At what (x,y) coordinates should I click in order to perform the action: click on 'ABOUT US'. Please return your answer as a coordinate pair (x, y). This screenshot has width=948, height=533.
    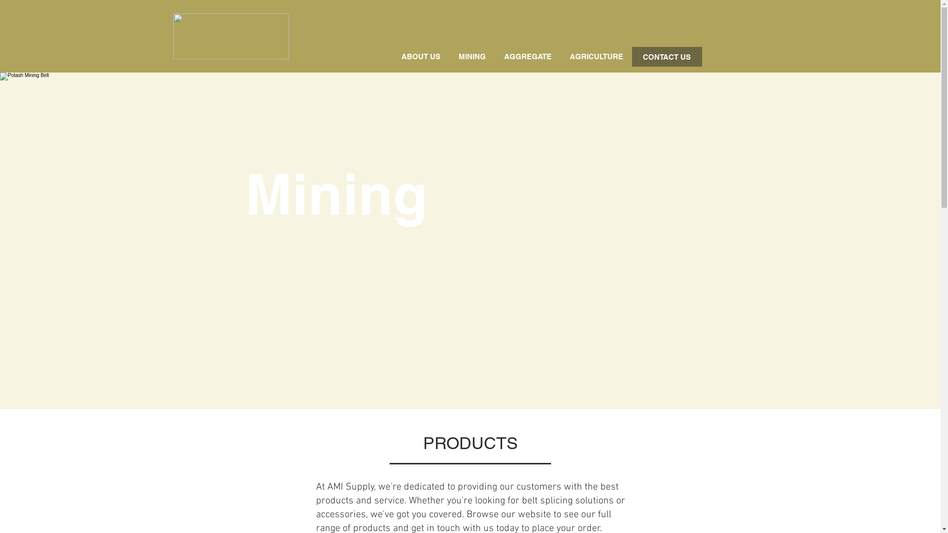
    Looking at the image, I should click on (420, 57).